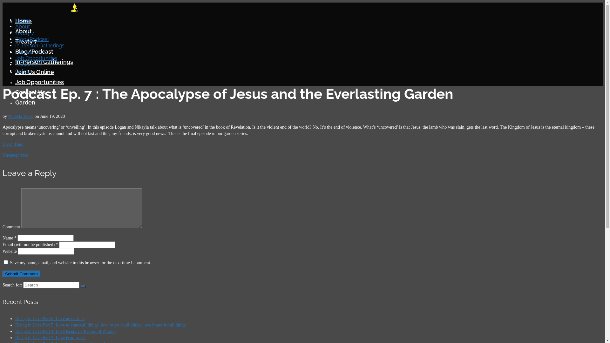 This screenshot has height=343, width=610. What do you see at coordinates (8, 116) in the screenshot?
I see `'Nikayla Reize'` at bounding box center [8, 116].